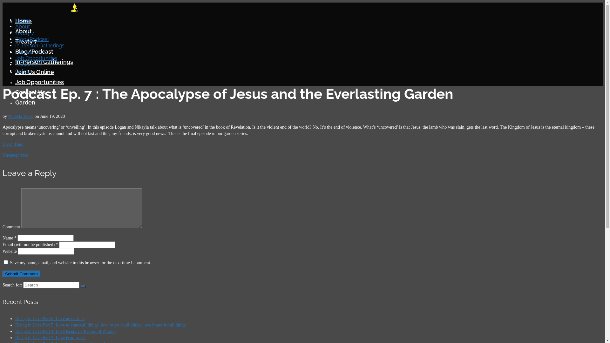 This screenshot has height=343, width=610. What do you see at coordinates (8, 116) in the screenshot?
I see `'Nikayla Reize'` at bounding box center [8, 116].